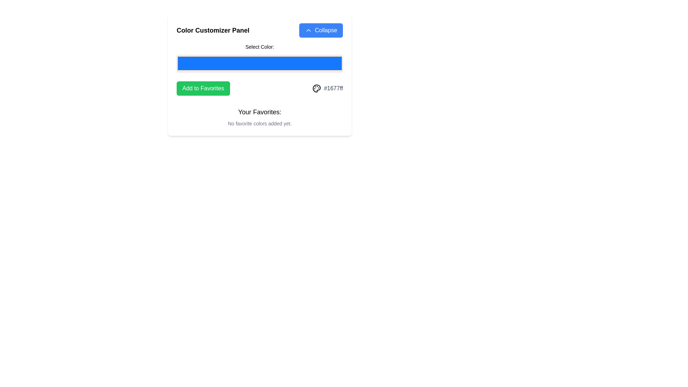 Image resolution: width=688 pixels, height=387 pixels. Describe the element at coordinates (308, 30) in the screenshot. I see `the collapse icon located at the top-right corner of the panel interface` at that location.